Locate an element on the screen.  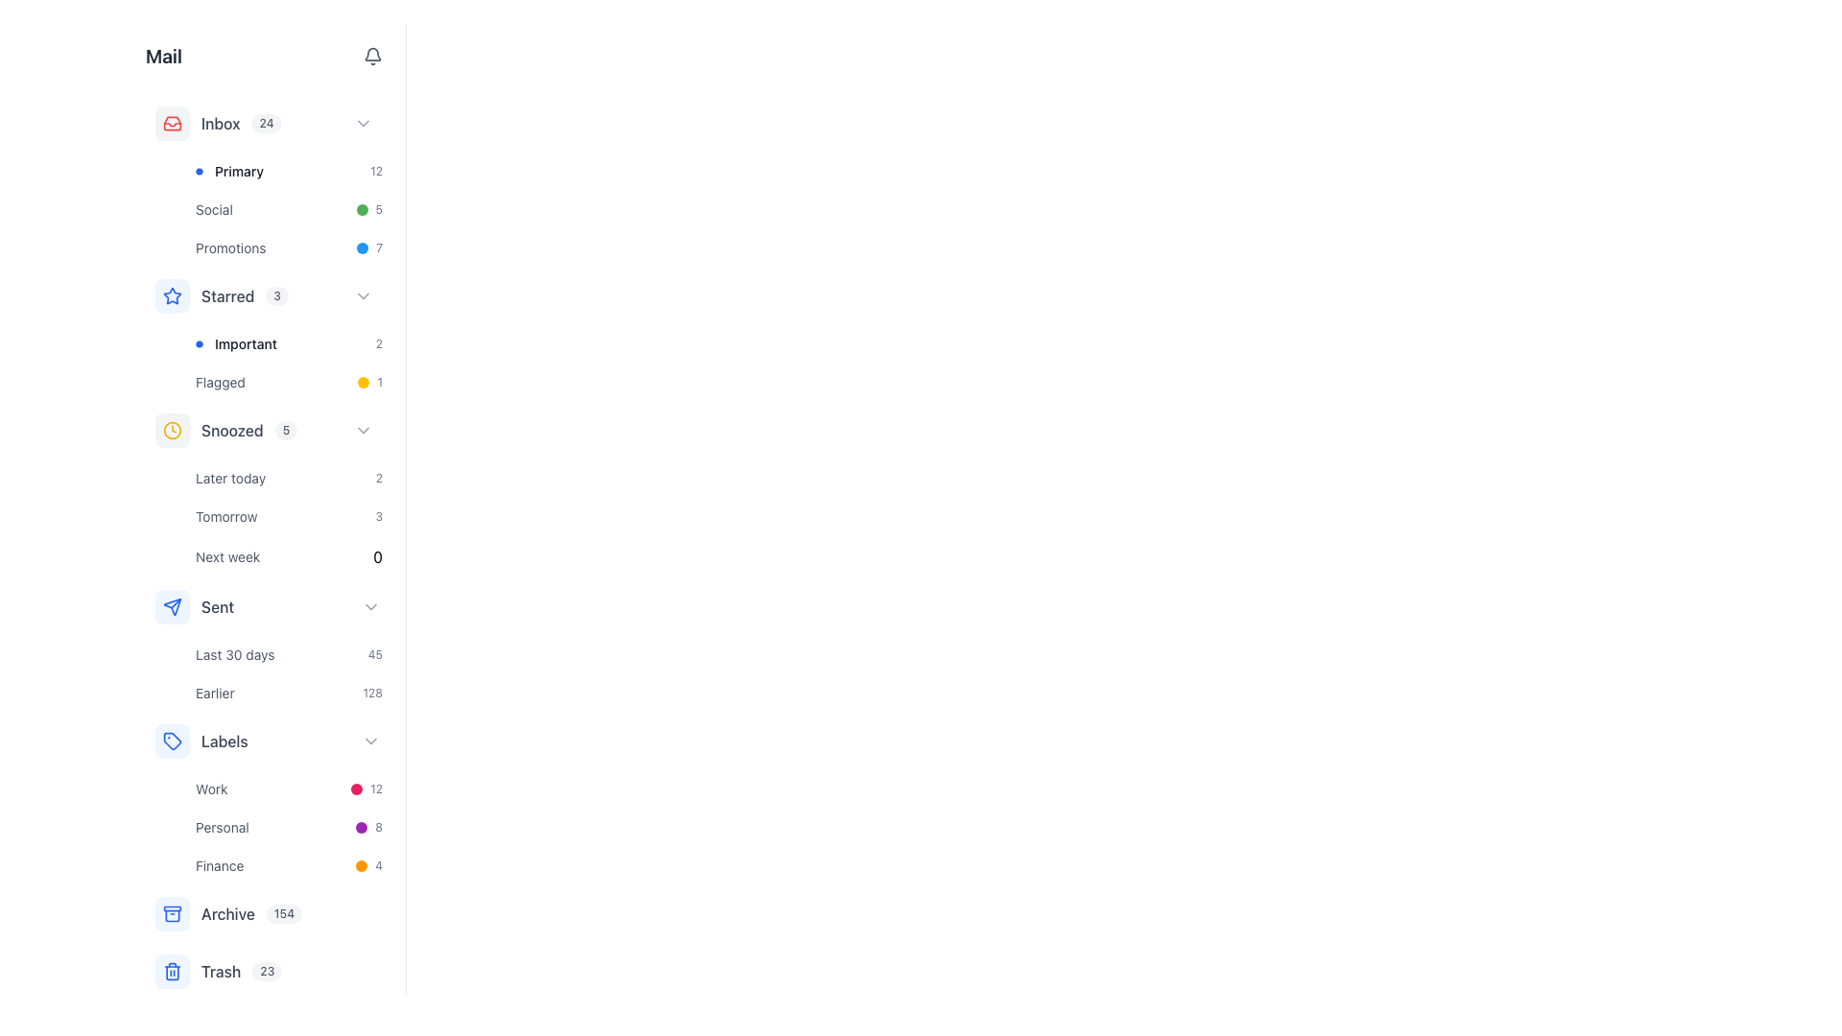
value displayed in the Text label showing the number '5', which is located in the 'Social' section of the left navigation panel, next to a green circular indicator is located at coordinates (379, 210).